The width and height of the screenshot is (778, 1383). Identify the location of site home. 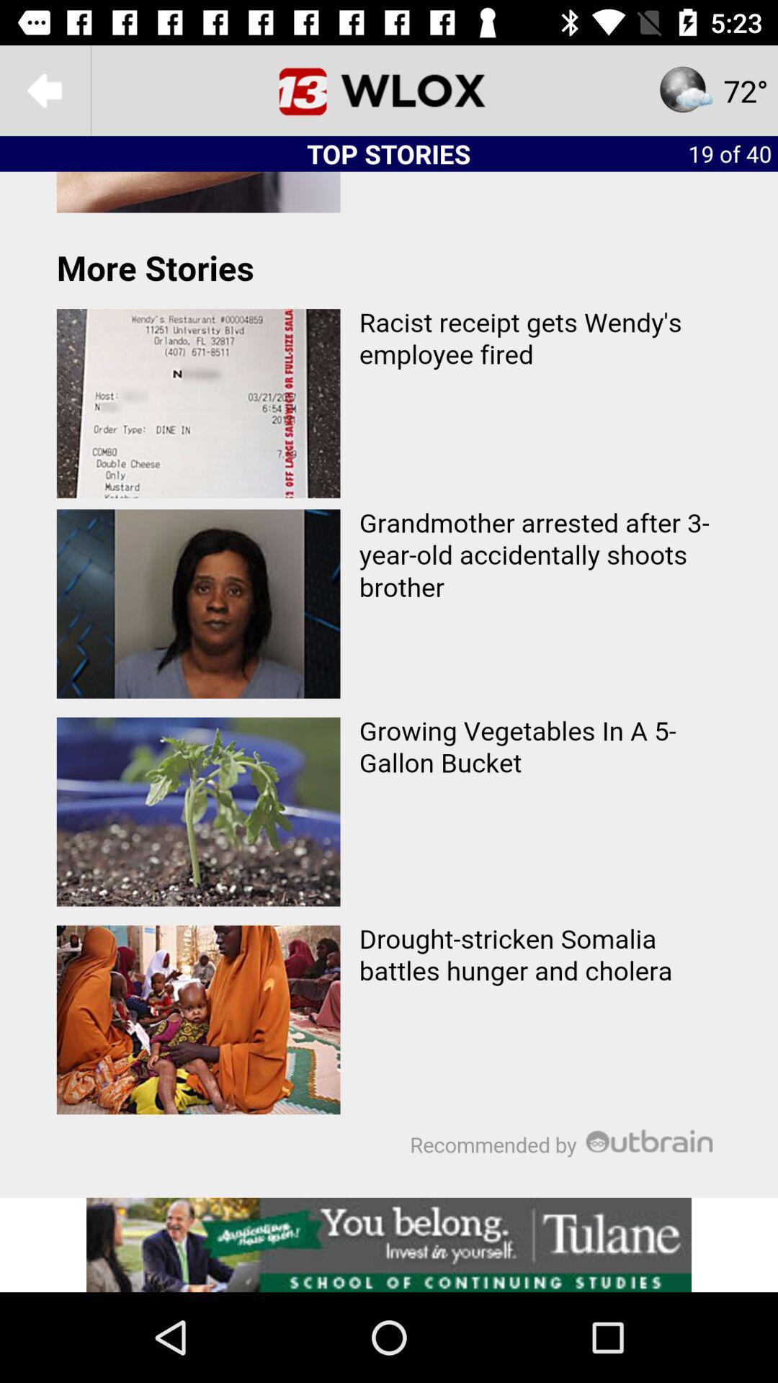
(389, 89).